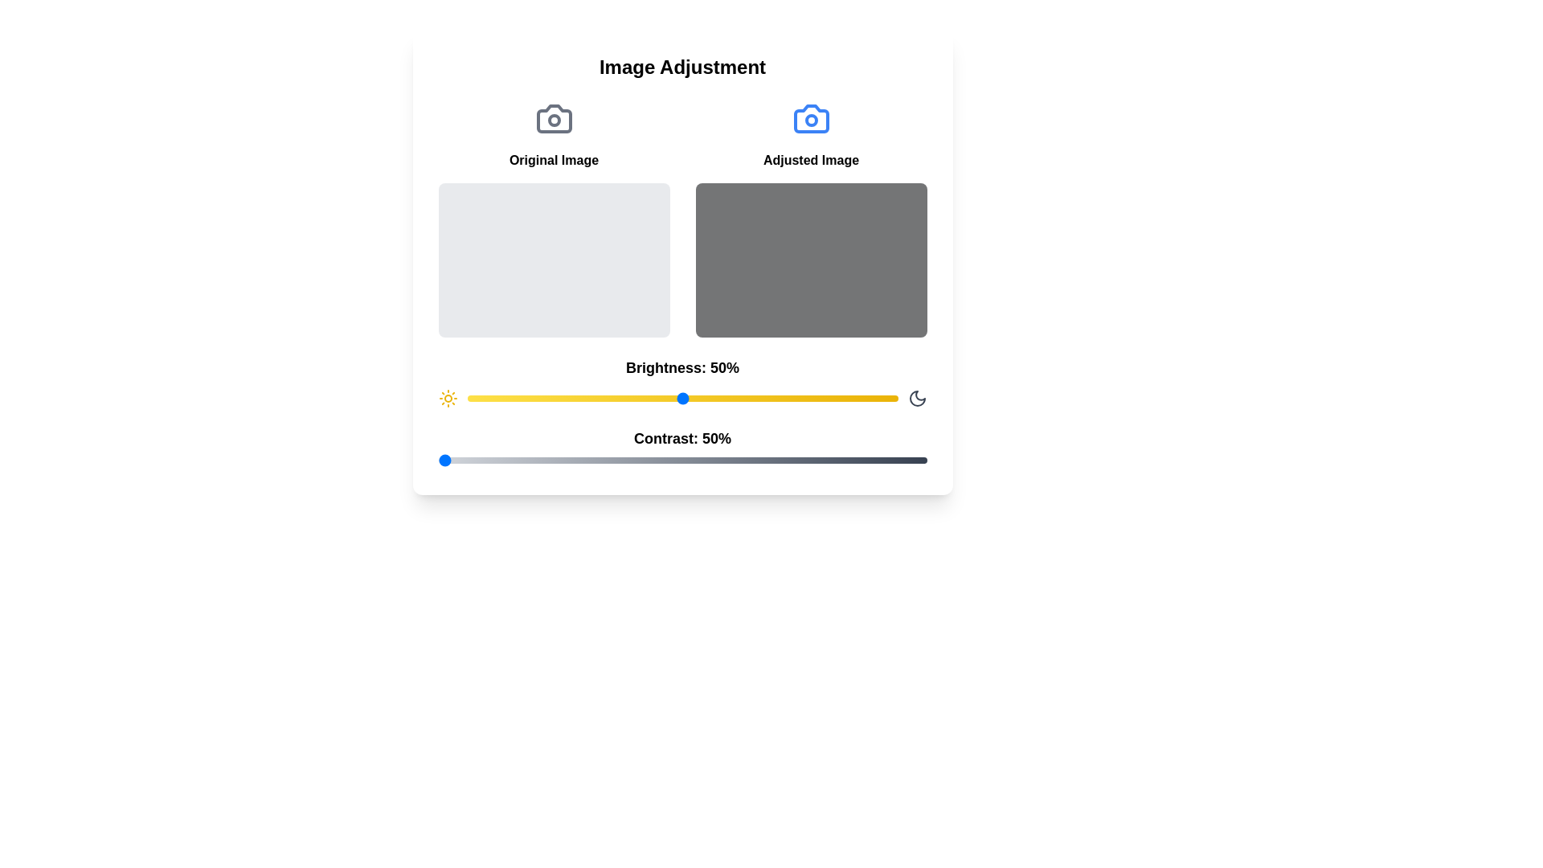  What do you see at coordinates (682, 448) in the screenshot?
I see `the text label displaying 'Contrast: 50%' located in the 'Image Adjustment' section, positioned above the gradient slider interface` at bounding box center [682, 448].